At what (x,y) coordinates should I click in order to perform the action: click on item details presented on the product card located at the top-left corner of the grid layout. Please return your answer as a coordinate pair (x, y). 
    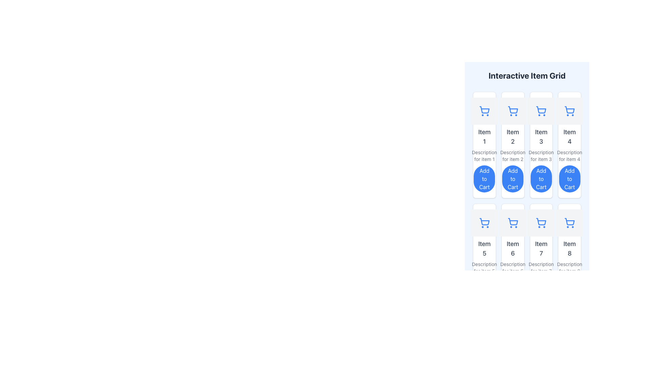
    Looking at the image, I should click on (484, 145).